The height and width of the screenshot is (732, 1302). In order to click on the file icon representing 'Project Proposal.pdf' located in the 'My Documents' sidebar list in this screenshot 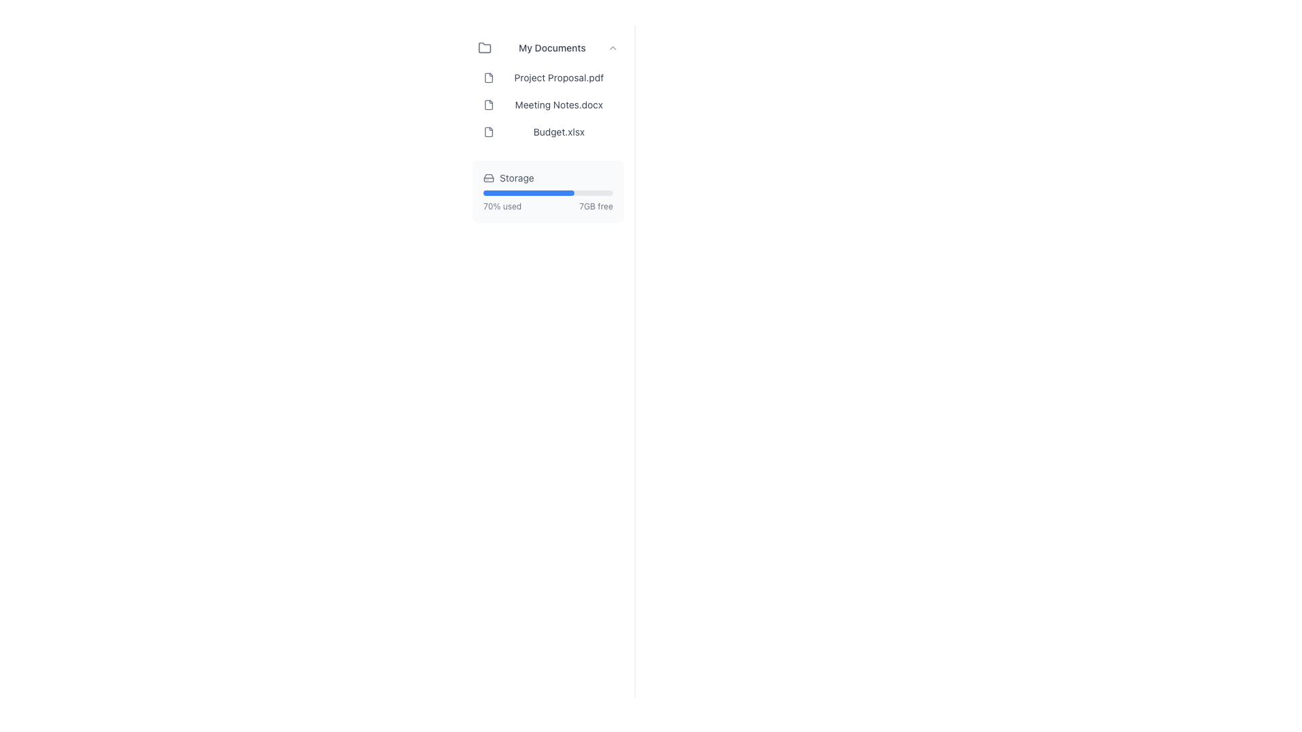, I will do `click(488, 78)`.